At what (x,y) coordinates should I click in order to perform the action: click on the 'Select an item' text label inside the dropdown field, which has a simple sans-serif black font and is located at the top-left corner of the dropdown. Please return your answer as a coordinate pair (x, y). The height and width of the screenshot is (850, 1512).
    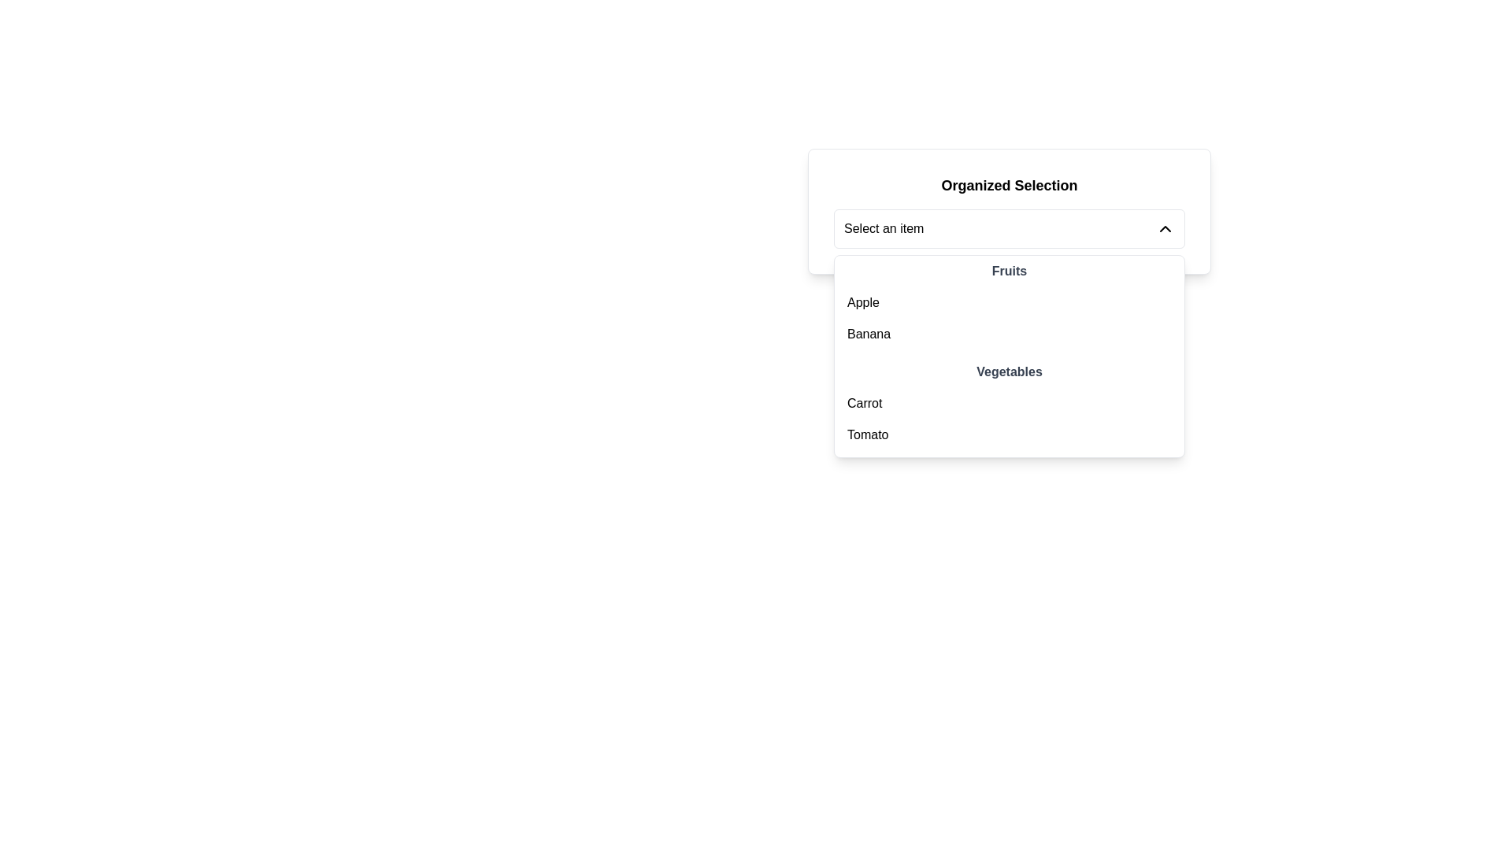
    Looking at the image, I should click on (884, 228).